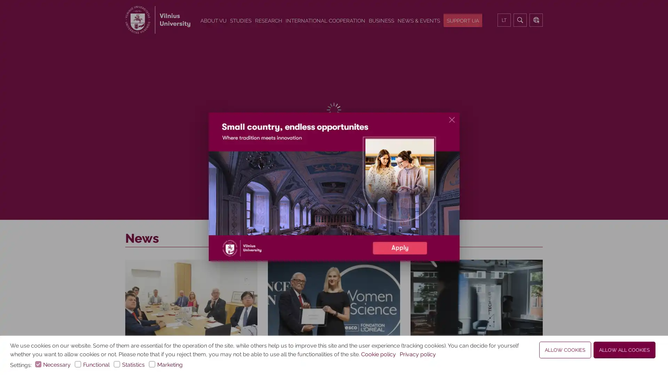 Image resolution: width=668 pixels, height=375 pixels. Describe the element at coordinates (417, 355) in the screenshot. I see `privacy policy` at that location.